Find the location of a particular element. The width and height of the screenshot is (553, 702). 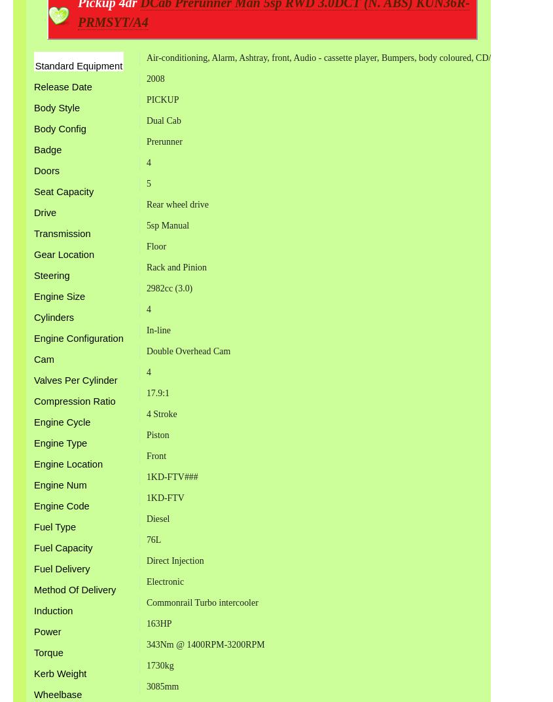

'163HP' is located at coordinates (158, 623).